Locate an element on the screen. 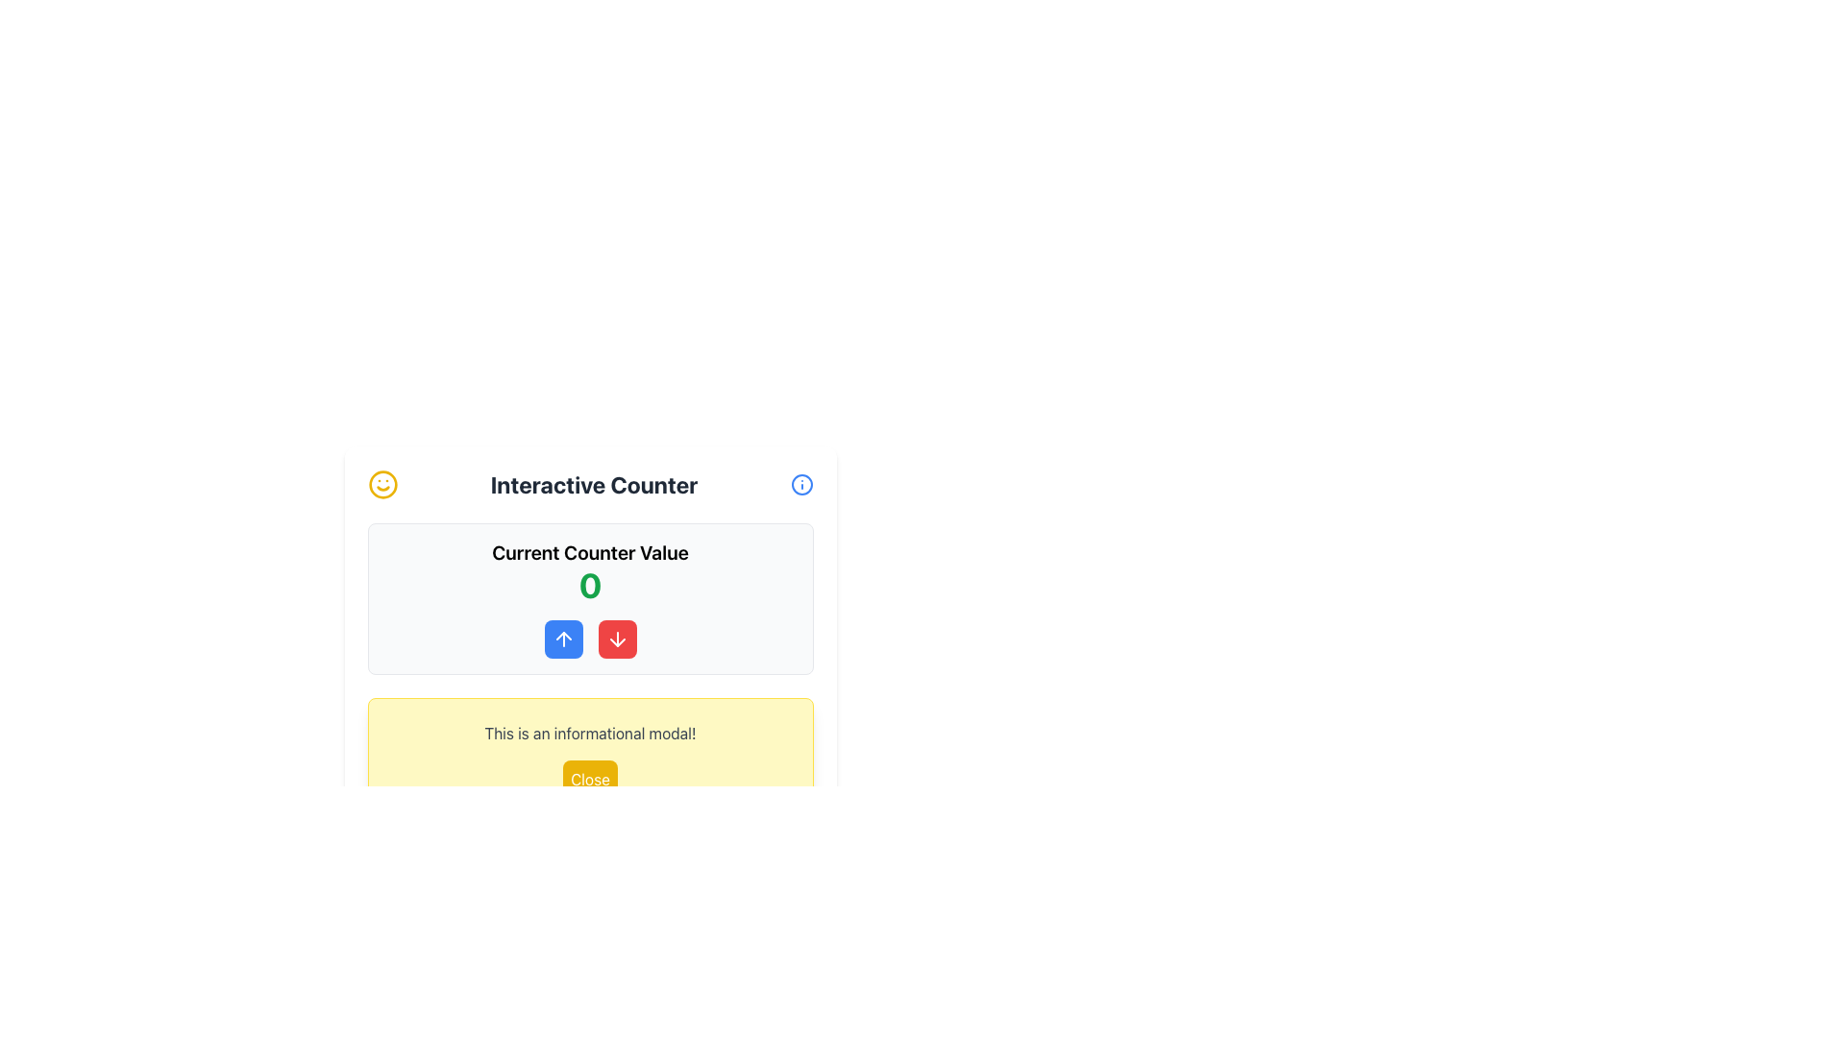  the circular graphical element with a yellow outline located at the center of the smiley face icon in the top-left corner of the layout is located at coordinates (382, 484).